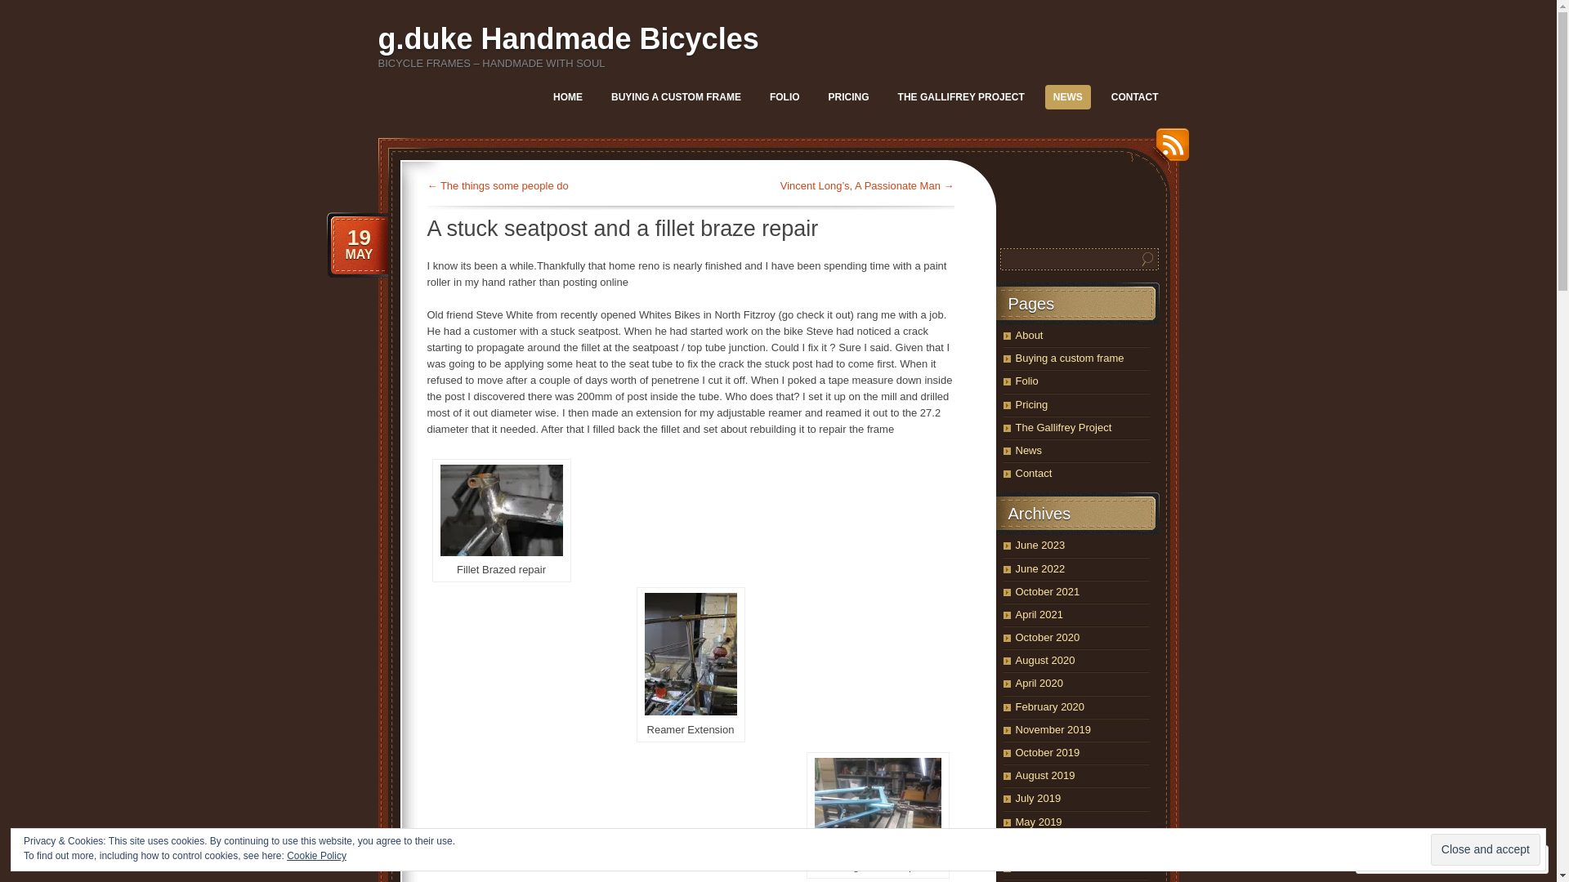 The width and height of the screenshot is (1569, 882). I want to click on 'HOME', so click(545, 97).